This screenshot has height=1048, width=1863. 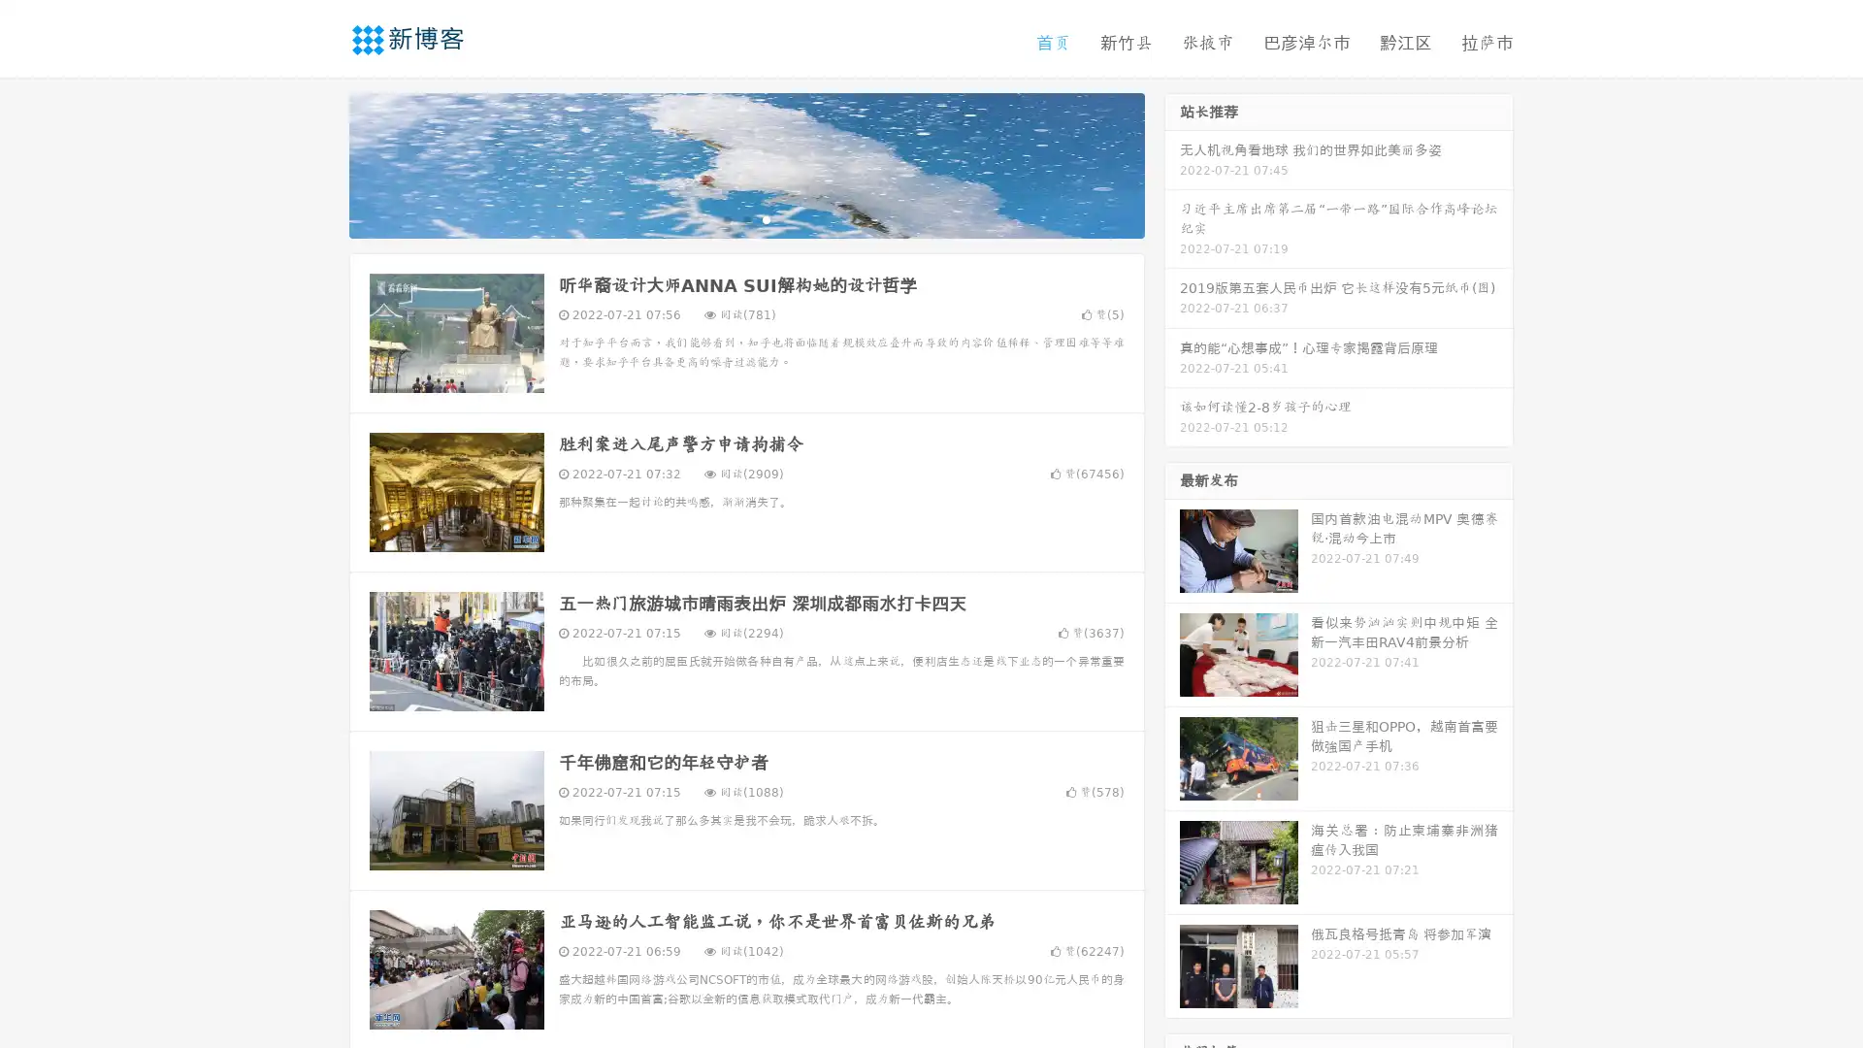 I want to click on Next slide, so click(x=1172, y=163).